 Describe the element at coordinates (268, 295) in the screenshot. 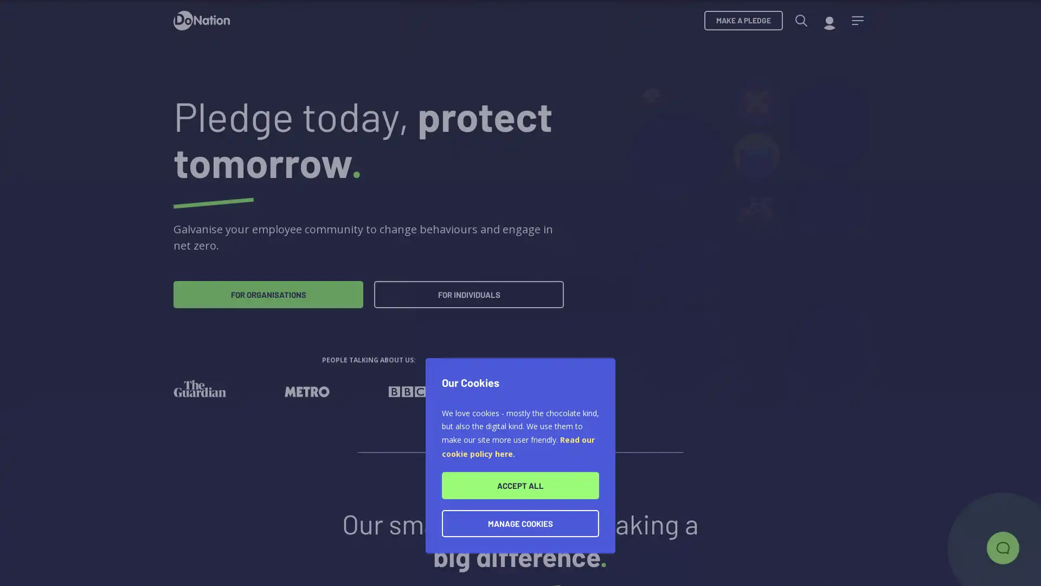

I see `FOR ORGANISATIONS` at that location.